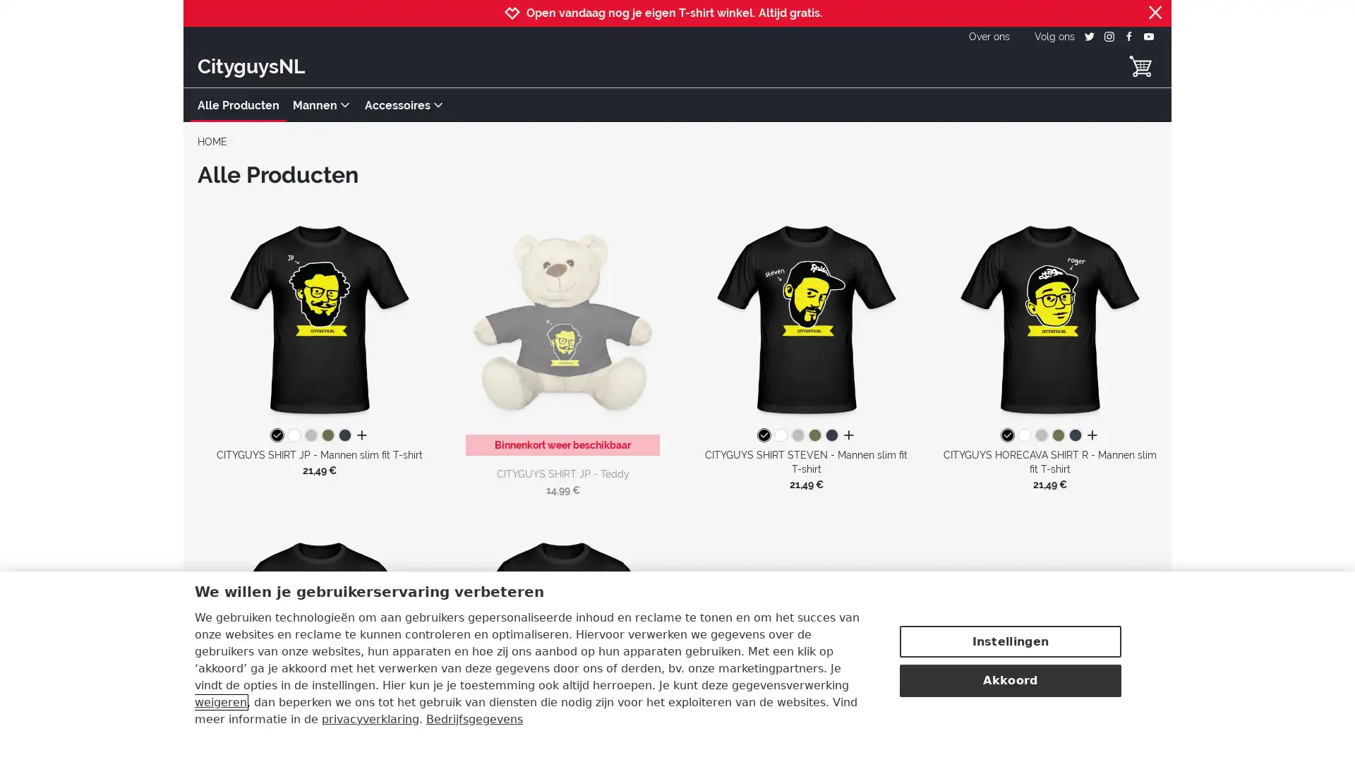 The image size is (1355, 762). What do you see at coordinates (1073, 435) in the screenshot?
I see `navy` at bounding box center [1073, 435].